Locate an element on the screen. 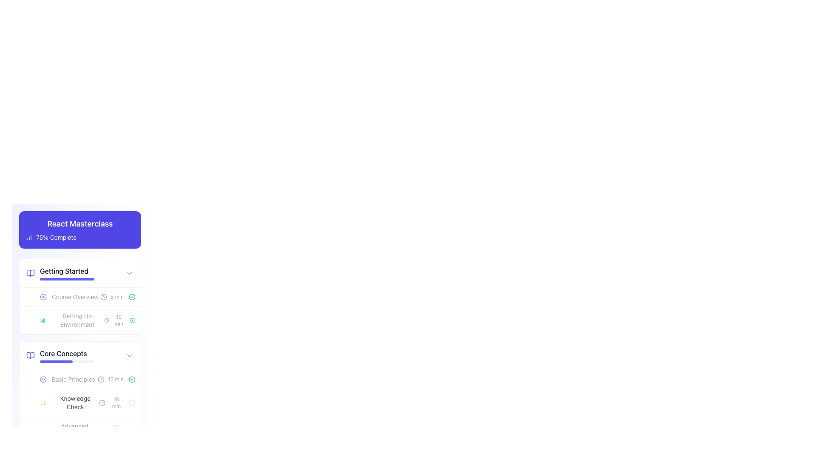 This screenshot has width=816, height=459. the circular clock icon located in the 'Core Concepts' section, adjacent to the text '10 min' is located at coordinates (102, 402).